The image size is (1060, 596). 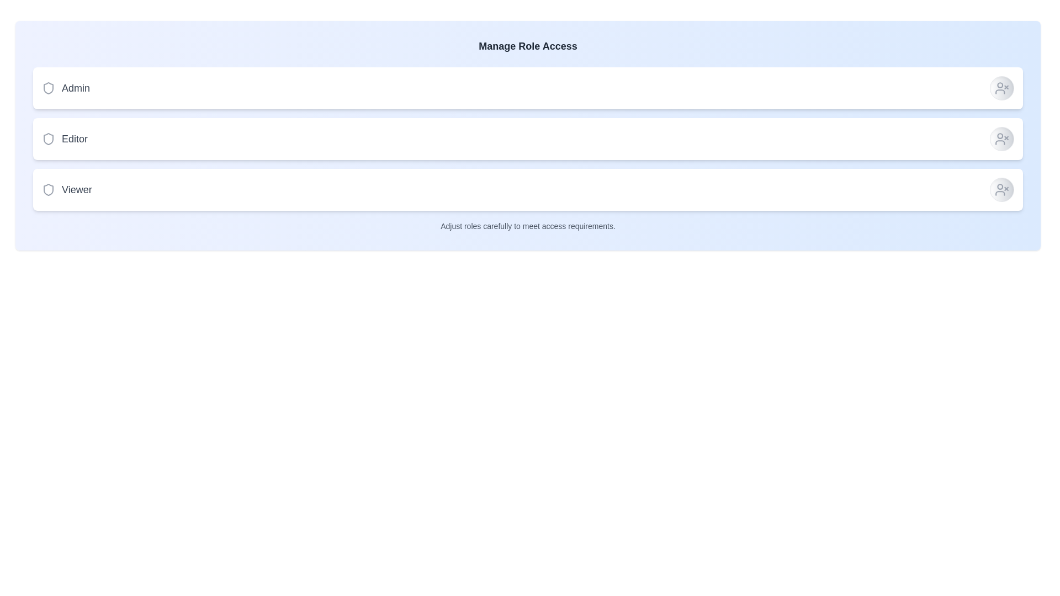 What do you see at coordinates (64, 138) in the screenshot?
I see `the label with the shield-shaped icon and the text 'Editor', which is styled with a light gray icon and bold gray text, located in the middle section of the vertical list of role titles` at bounding box center [64, 138].